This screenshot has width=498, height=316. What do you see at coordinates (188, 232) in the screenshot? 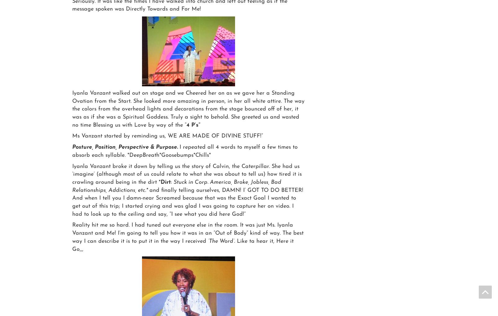
I see `'Reality hit me so hard. I had tuned out everyone else in the room. It was just Ms. Iyanla Vanzant and Me! I’m going to tell you how it was in an “Out of Body” kind of way. The best way I can describe it is to put it in the way I received'` at bounding box center [188, 232].